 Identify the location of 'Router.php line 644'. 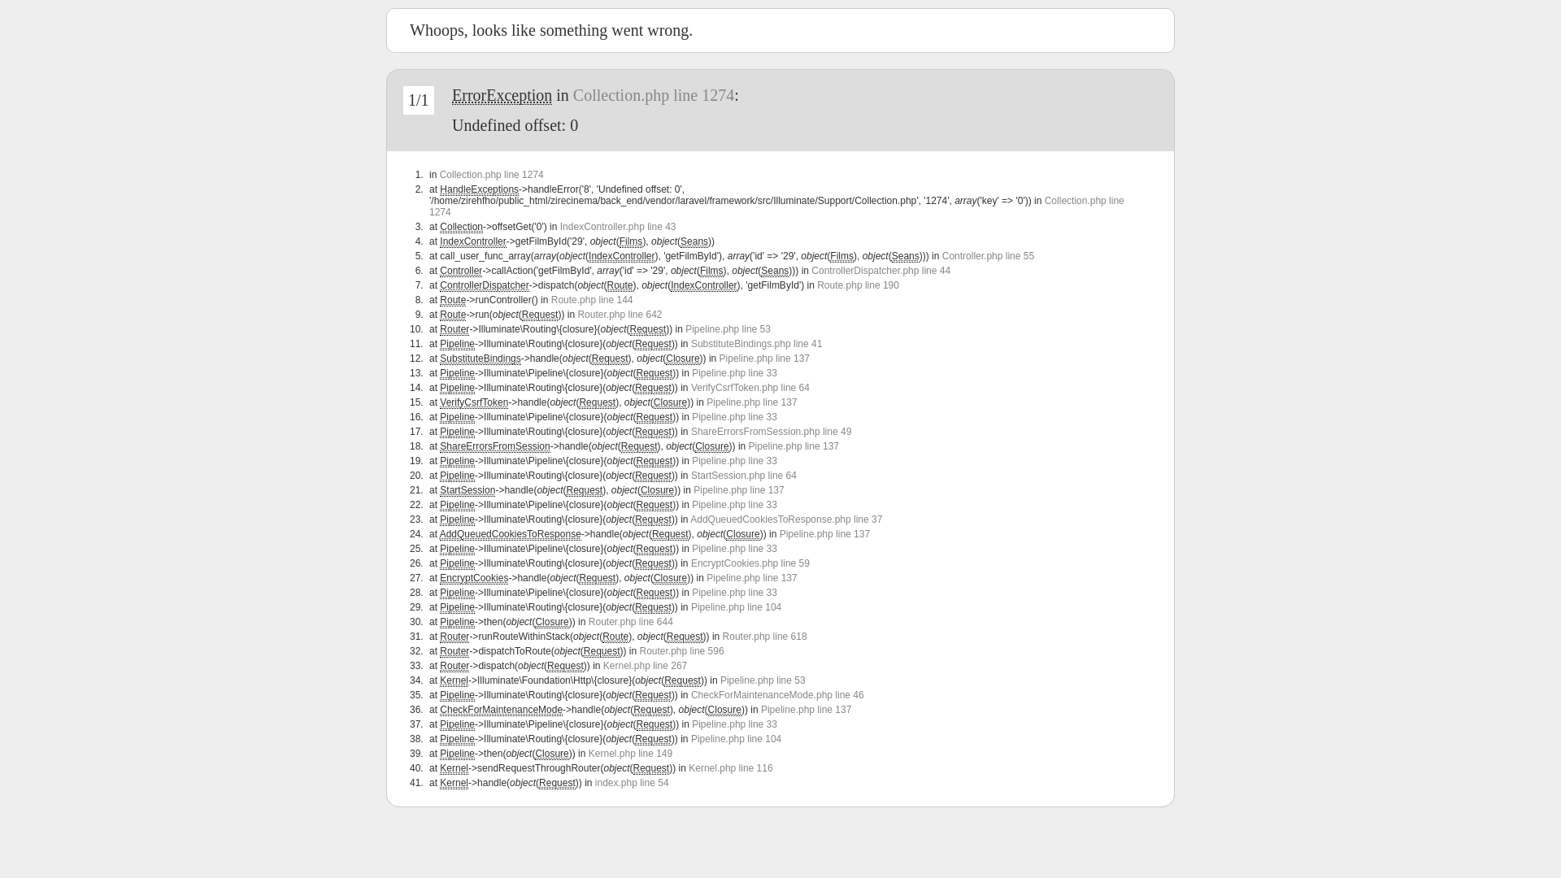
(630, 621).